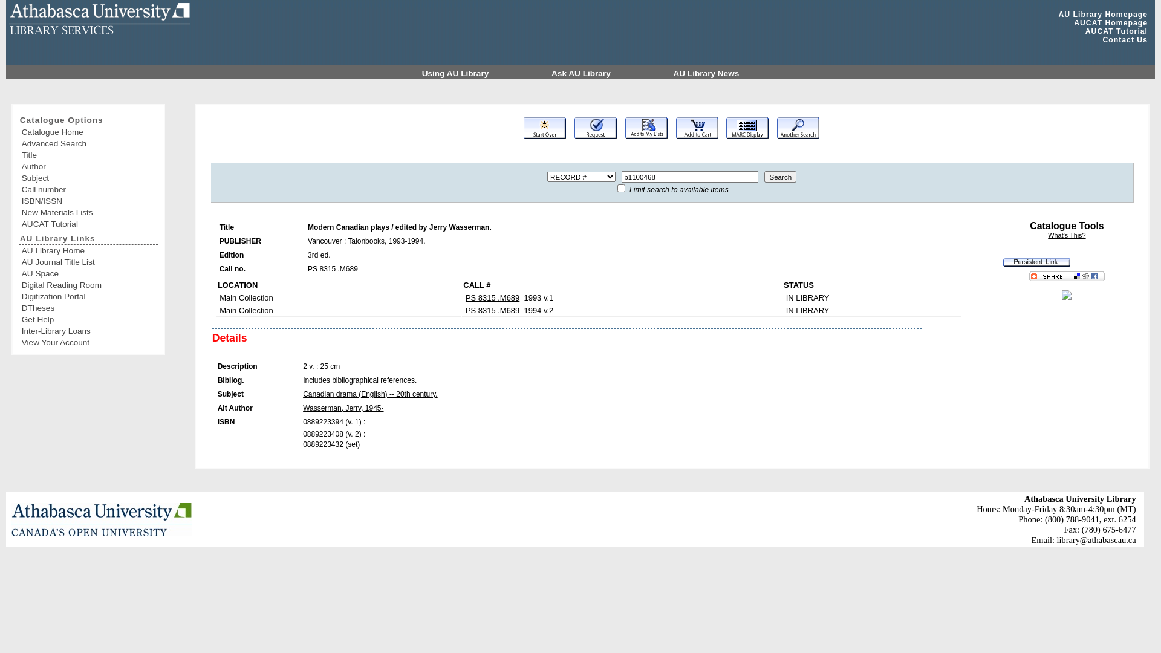 The height and width of the screenshot is (653, 1161). Describe the element at coordinates (369, 394) in the screenshot. I see `'Canadian drama (English) -- 20th century.'` at that location.